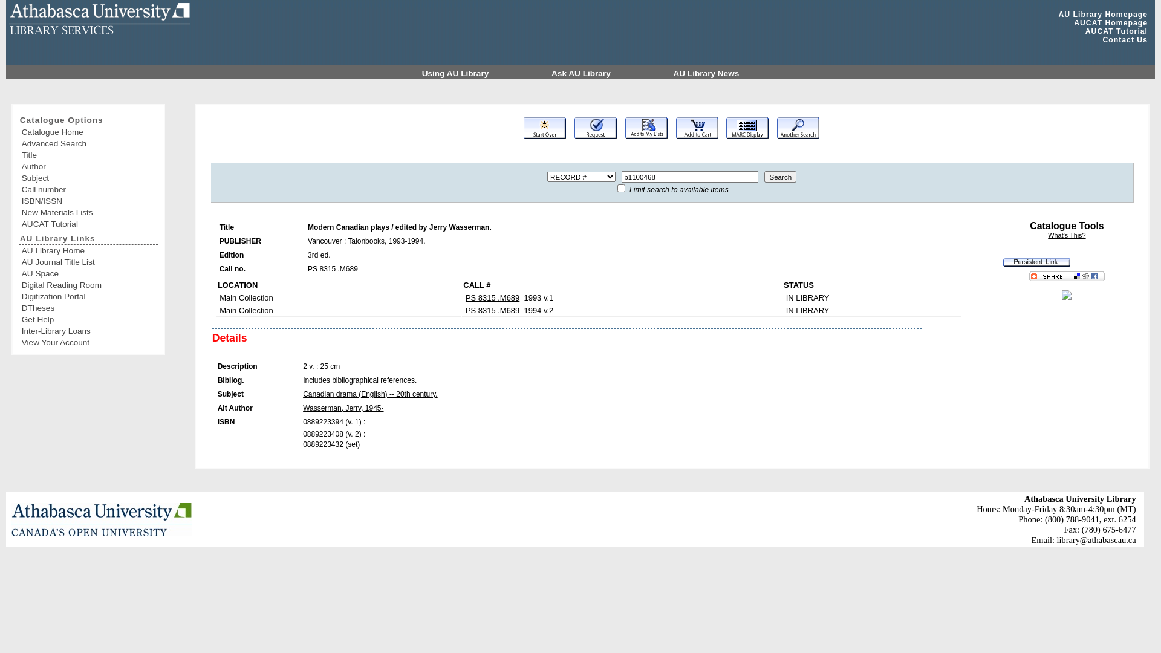 The height and width of the screenshot is (653, 1161). Describe the element at coordinates (369, 394) in the screenshot. I see `'Canadian drama (English) -- 20th century.'` at that location.